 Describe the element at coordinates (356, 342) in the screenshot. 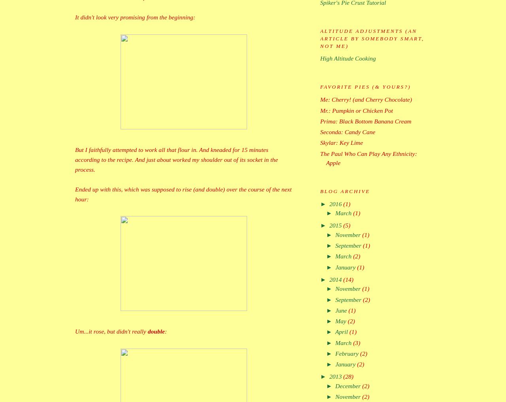

I see `'(3)'` at that location.